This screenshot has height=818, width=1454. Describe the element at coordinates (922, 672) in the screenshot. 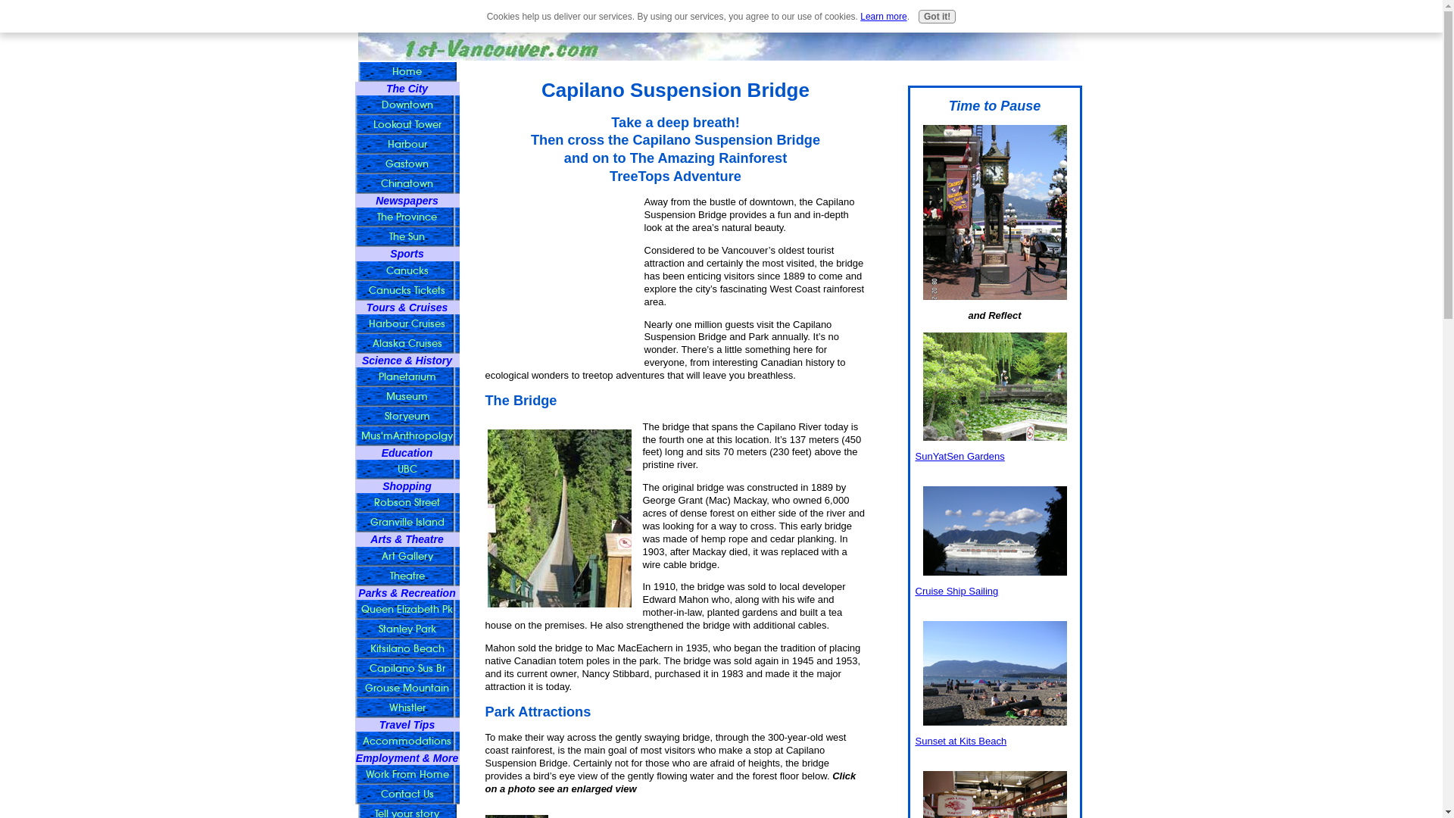

I see `'Sunset at Kits Beach'` at that location.